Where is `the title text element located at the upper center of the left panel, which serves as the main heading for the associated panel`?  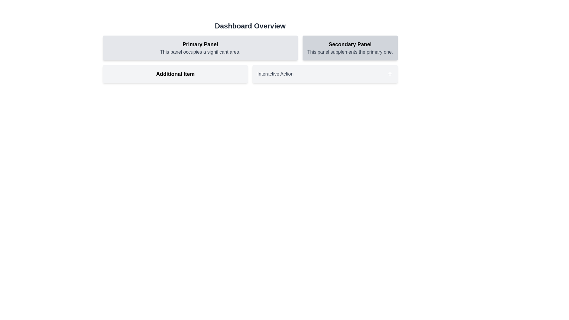 the title text element located at the upper center of the left panel, which serves as the main heading for the associated panel is located at coordinates (200, 44).